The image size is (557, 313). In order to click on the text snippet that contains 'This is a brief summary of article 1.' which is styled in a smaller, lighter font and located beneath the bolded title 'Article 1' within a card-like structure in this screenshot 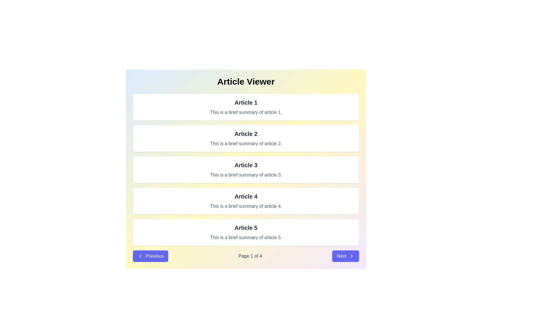, I will do `click(246, 112)`.